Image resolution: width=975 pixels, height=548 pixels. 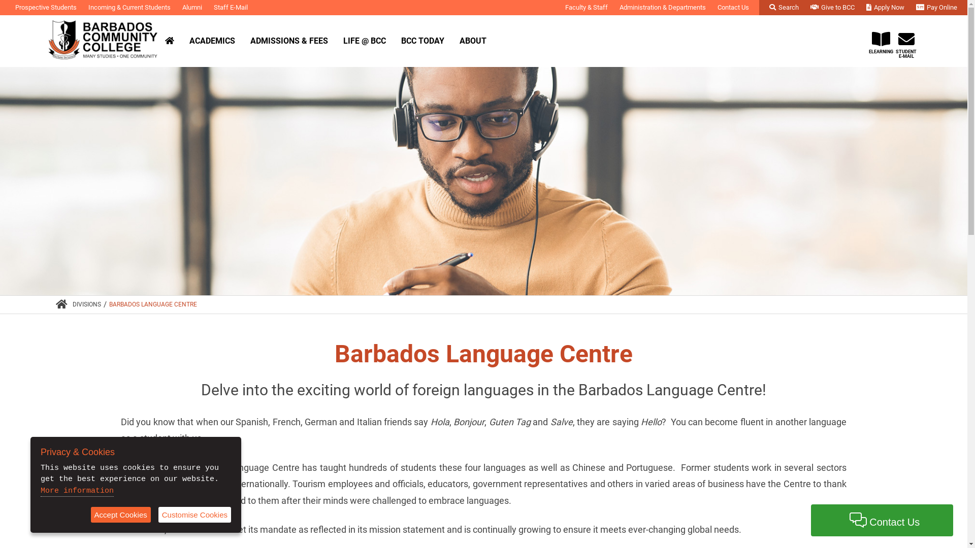 I want to click on 'Accept Cookies', so click(x=90, y=515).